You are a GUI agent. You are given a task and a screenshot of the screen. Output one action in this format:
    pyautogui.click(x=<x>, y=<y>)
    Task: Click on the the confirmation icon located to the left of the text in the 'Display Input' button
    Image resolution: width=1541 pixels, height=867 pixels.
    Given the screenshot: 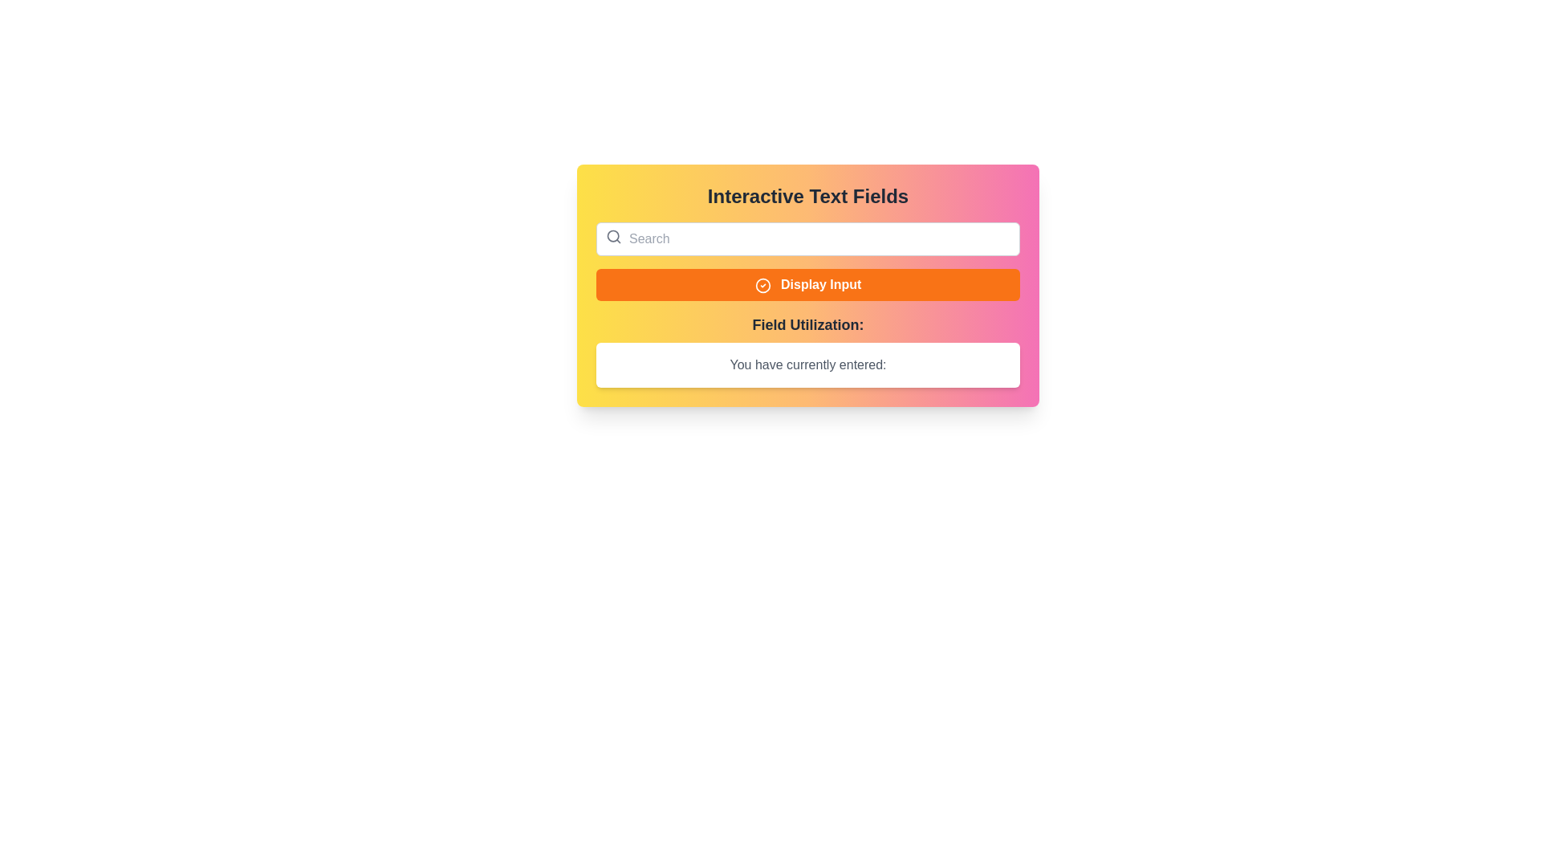 What is the action you would take?
    pyautogui.click(x=762, y=284)
    